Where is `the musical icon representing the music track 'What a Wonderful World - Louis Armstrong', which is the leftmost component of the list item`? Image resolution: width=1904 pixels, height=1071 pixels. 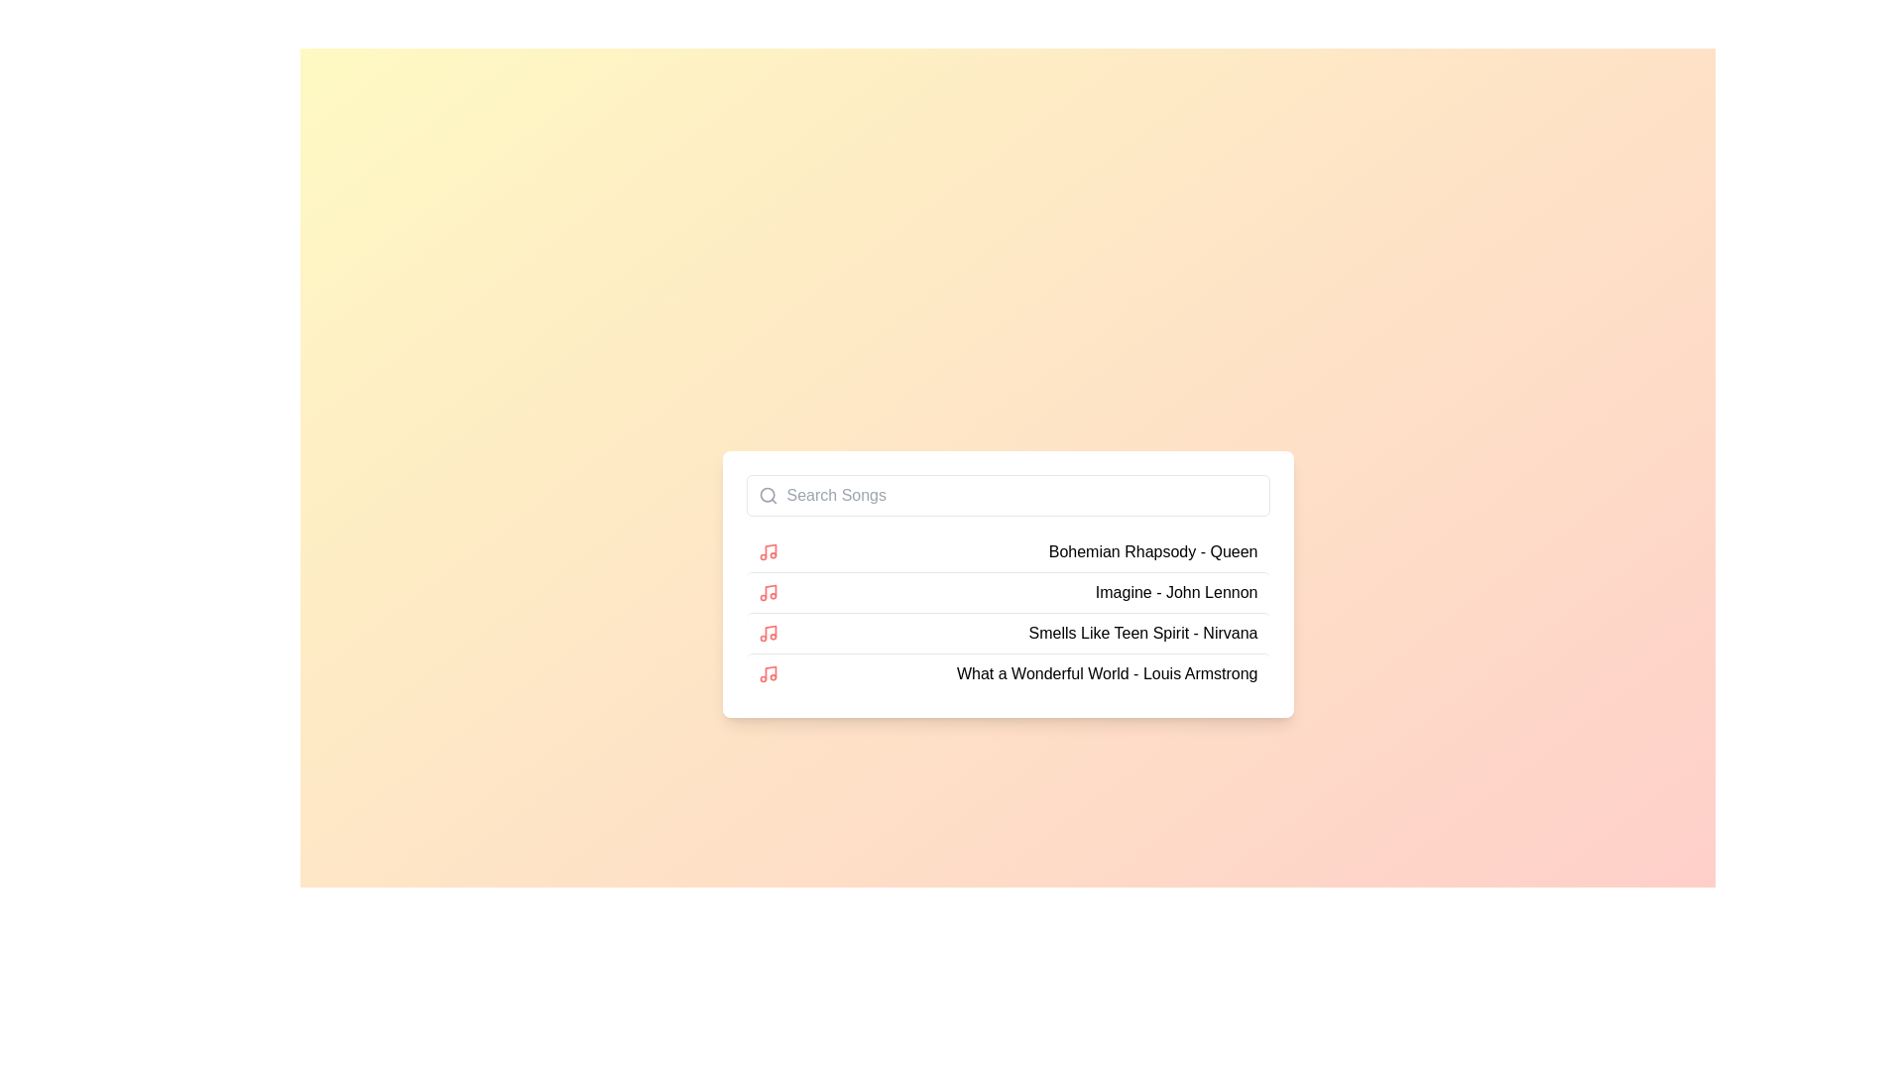
the musical icon representing the music track 'What a Wonderful World - Louis Armstrong', which is the leftmost component of the list item is located at coordinates (767, 672).